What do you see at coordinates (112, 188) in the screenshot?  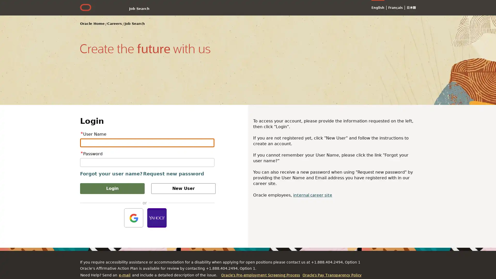 I see `Login` at bounding box center [112, 188].